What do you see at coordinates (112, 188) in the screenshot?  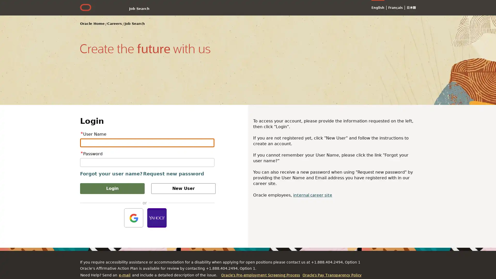 I see `Login` at bounding box center [112, 188].